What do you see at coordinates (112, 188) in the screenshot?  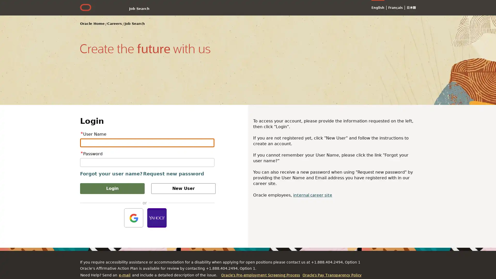 I see `Login` at bounding box center [112, 188].